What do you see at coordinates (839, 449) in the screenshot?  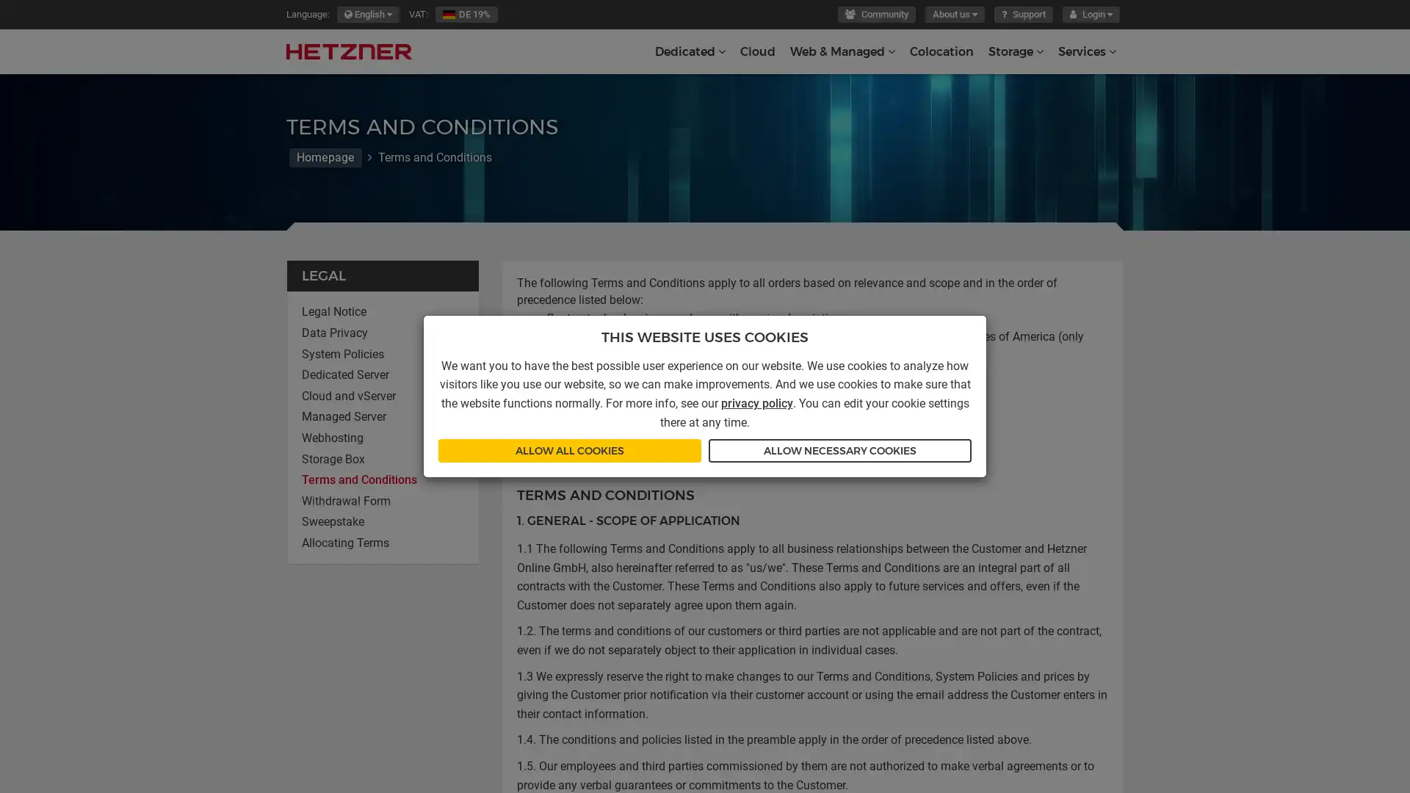 I see `ALLOW NECESSARY COOKIES` at bounding box center [839, 449].